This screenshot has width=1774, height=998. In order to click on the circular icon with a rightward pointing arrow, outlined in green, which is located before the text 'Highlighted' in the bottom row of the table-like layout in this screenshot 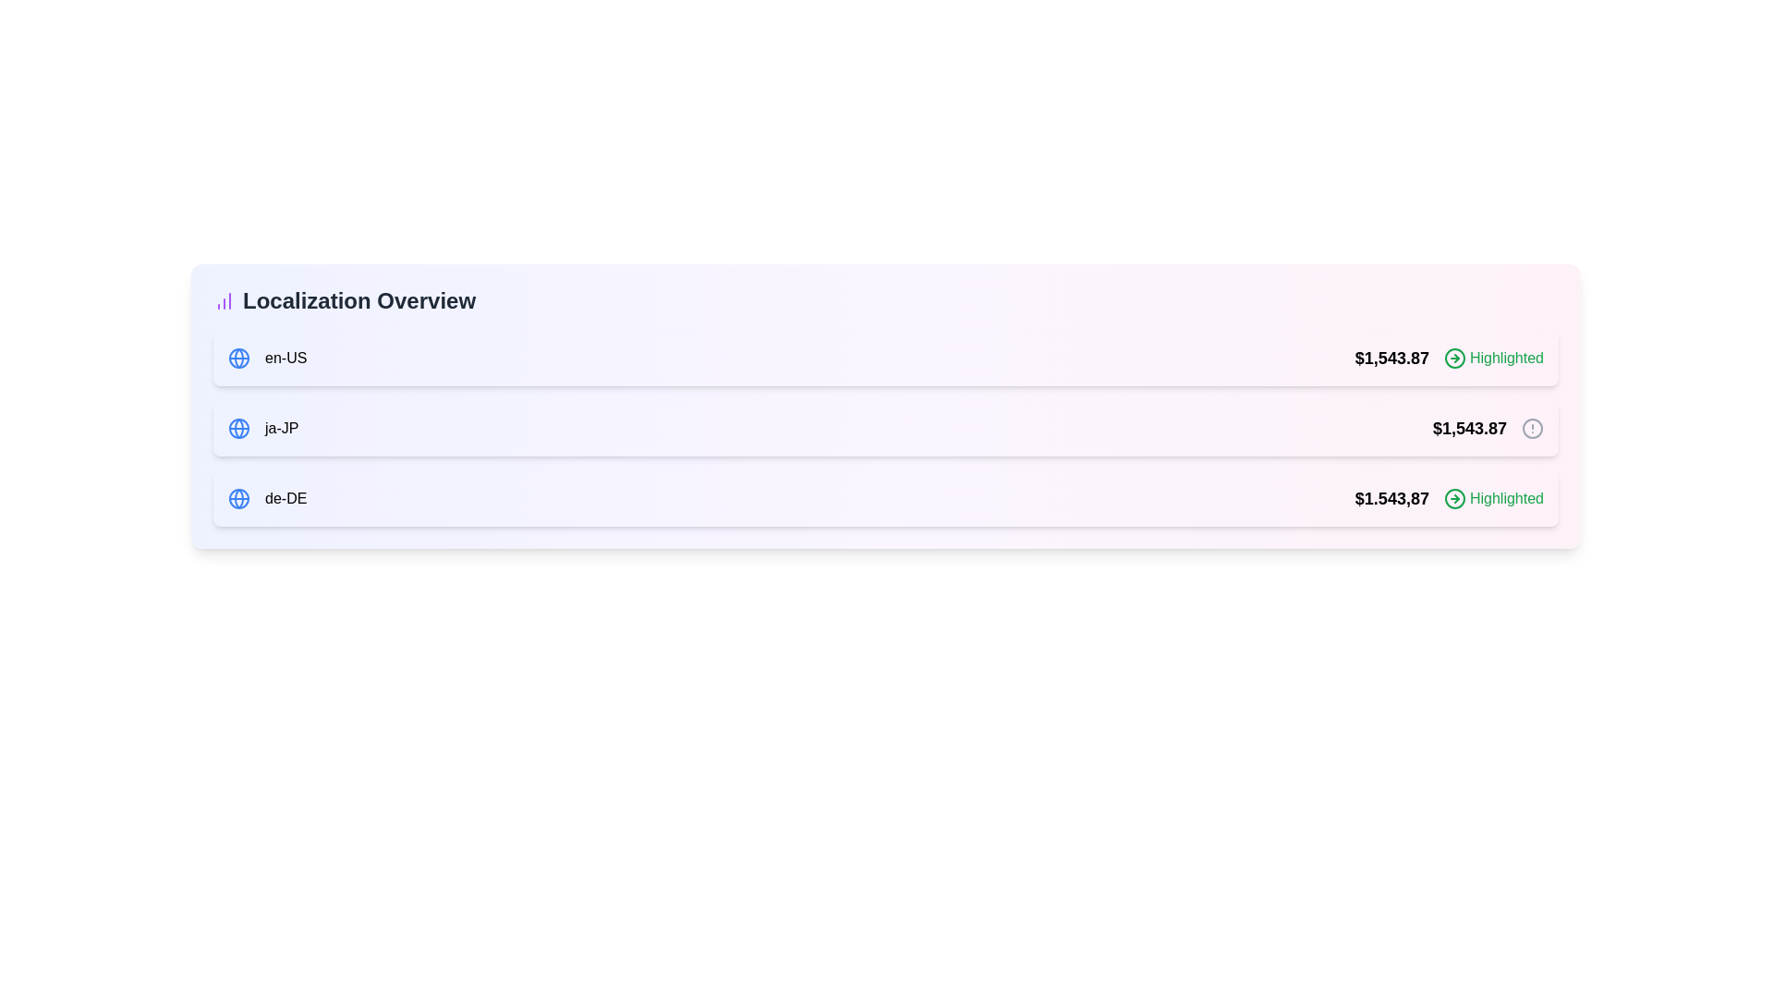, I will do `click(1453, 499)`.